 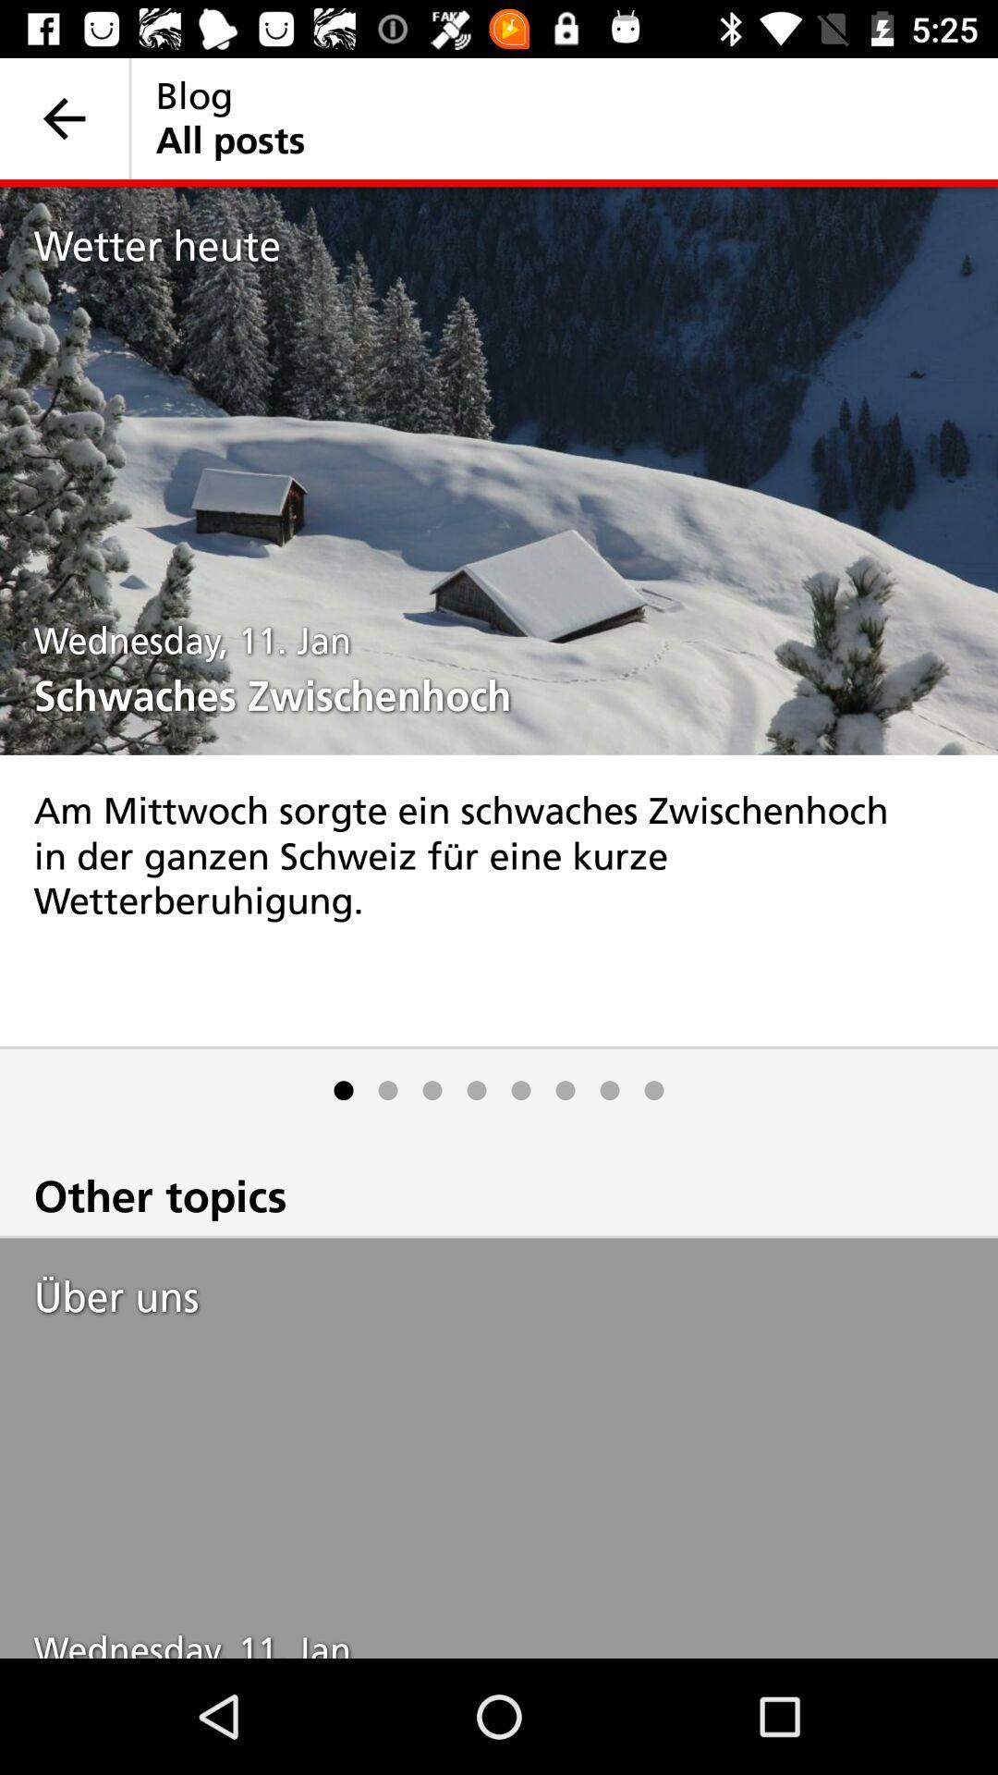 What do you see at coordinates (565, 1090) in the screenshot?
I see `the icon above the other topics` at bounding box center [565, 1090].